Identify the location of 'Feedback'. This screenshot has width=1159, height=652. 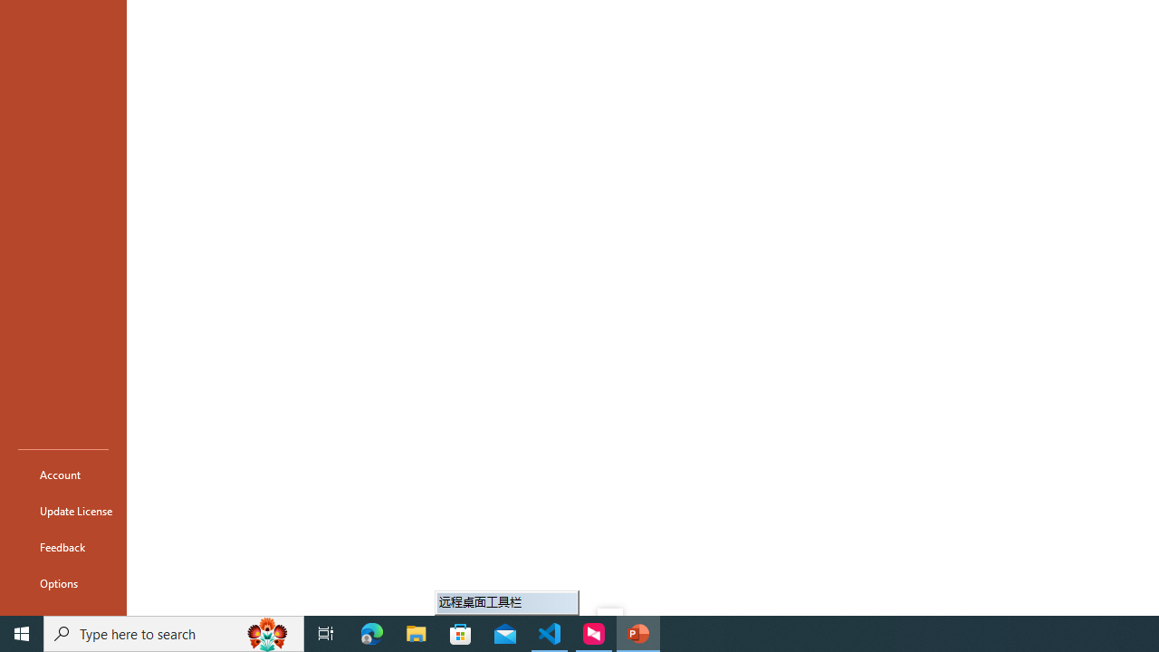
(62, 546).